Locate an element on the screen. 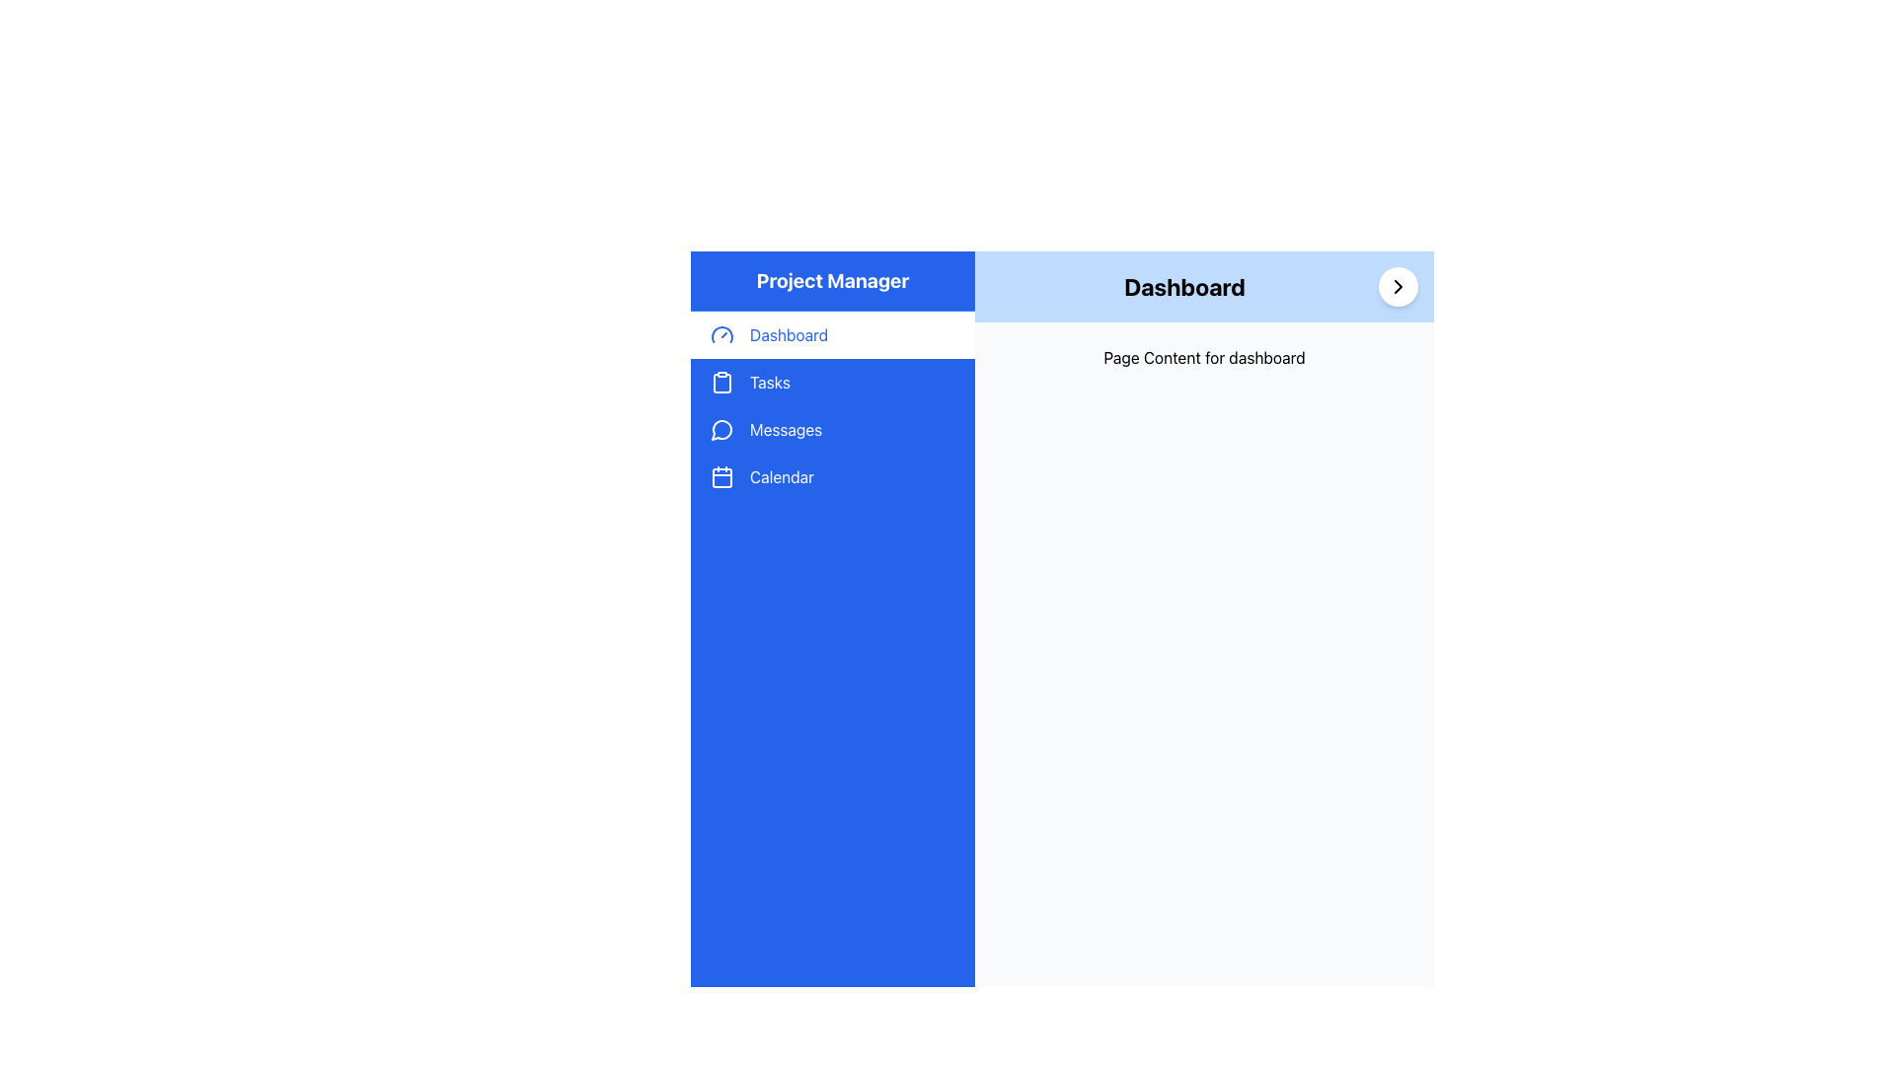 The height and width of the screenshot is (1065, 1895). the Text Label that serves as the title or heading for the Dashboard page, located in the center of a light blue area at the top of the main content section is located at coordinates (1184, 286).